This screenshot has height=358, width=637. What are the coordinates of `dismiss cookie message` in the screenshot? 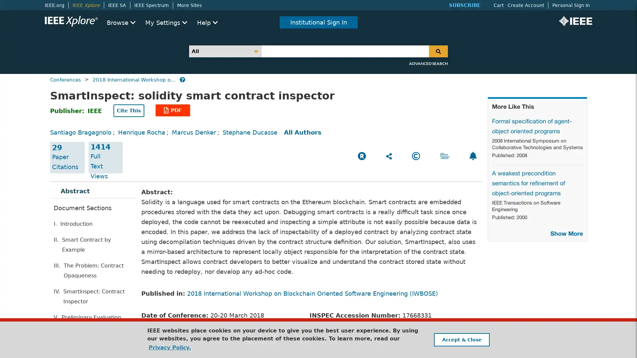 It's located at (461, 339).